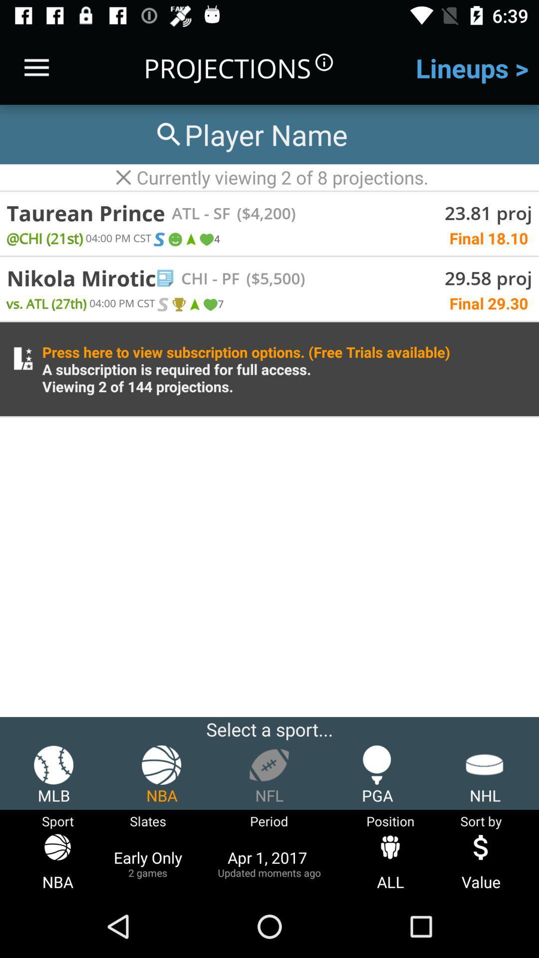 The width and height of the screenshot is (539, 958). I want to click on item to the right of the  - pf icon, so click(272, 278).